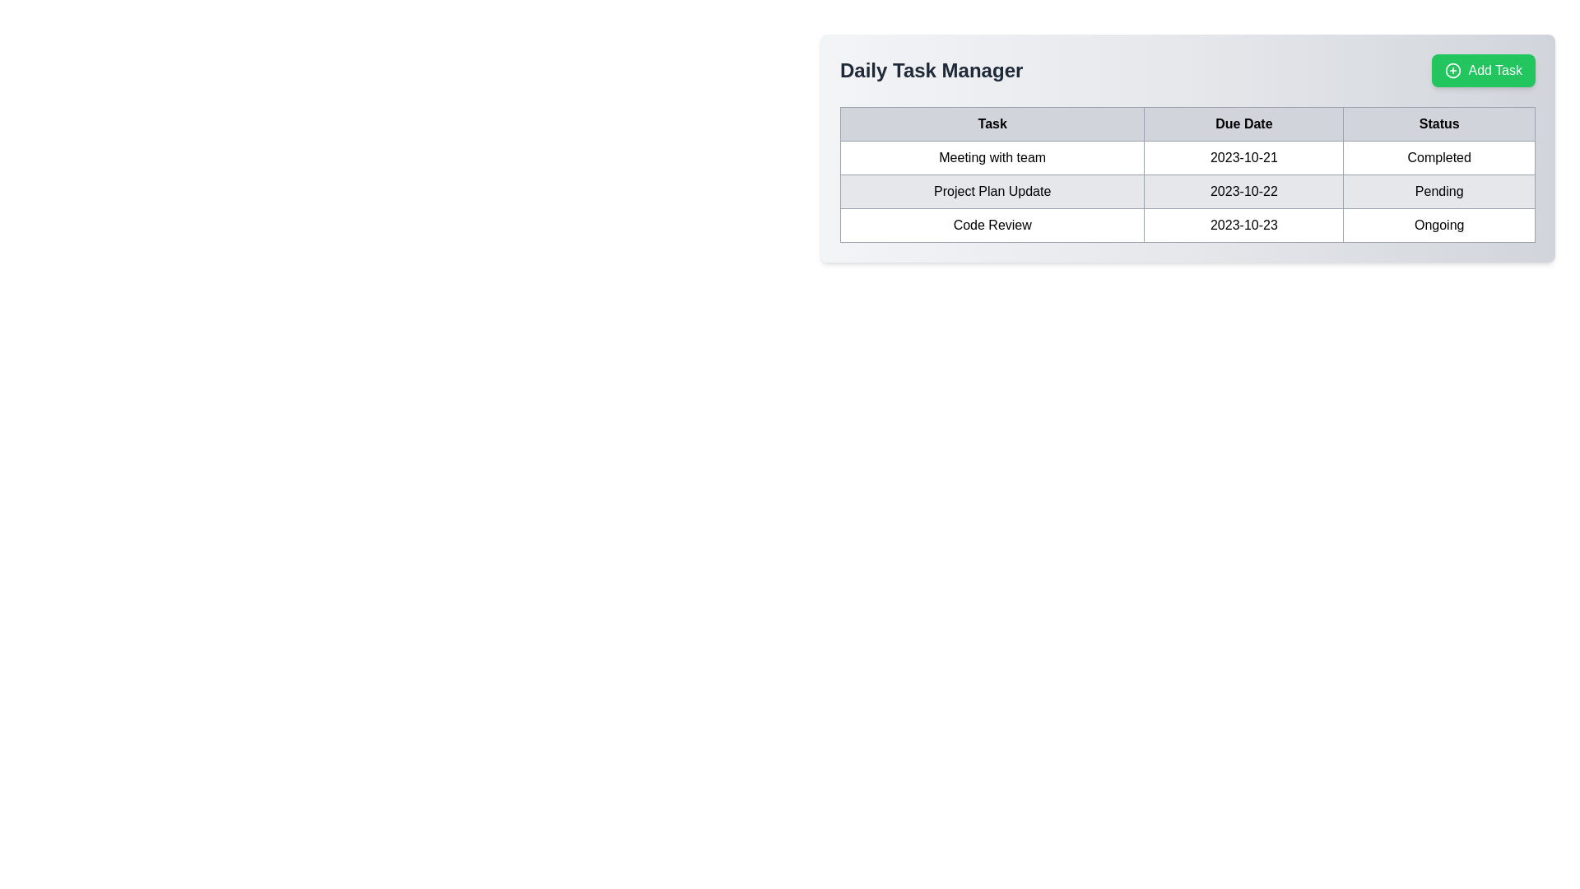 Image resolution: width=1580 pixels, height=889 pixels. What do you see at coordinates (1453, 69) in the screenshot?
I see `the icon representing the addition or creation action located to the left of the 'Add Task' button, which is part of the green button in the top right corner of the interface` at bounding box center [1453, 69].